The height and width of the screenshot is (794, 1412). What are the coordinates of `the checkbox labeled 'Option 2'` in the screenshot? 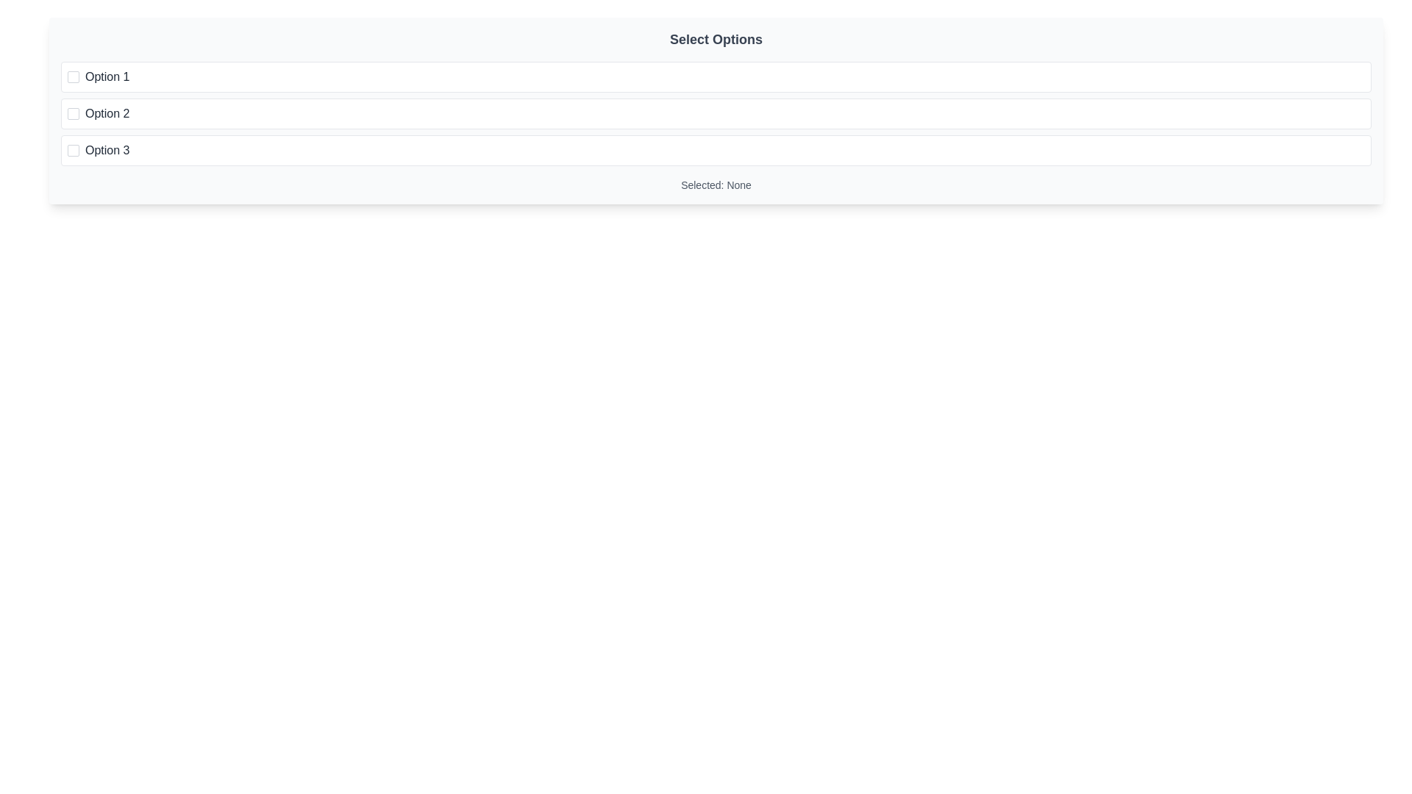 It's located at (716, 112).